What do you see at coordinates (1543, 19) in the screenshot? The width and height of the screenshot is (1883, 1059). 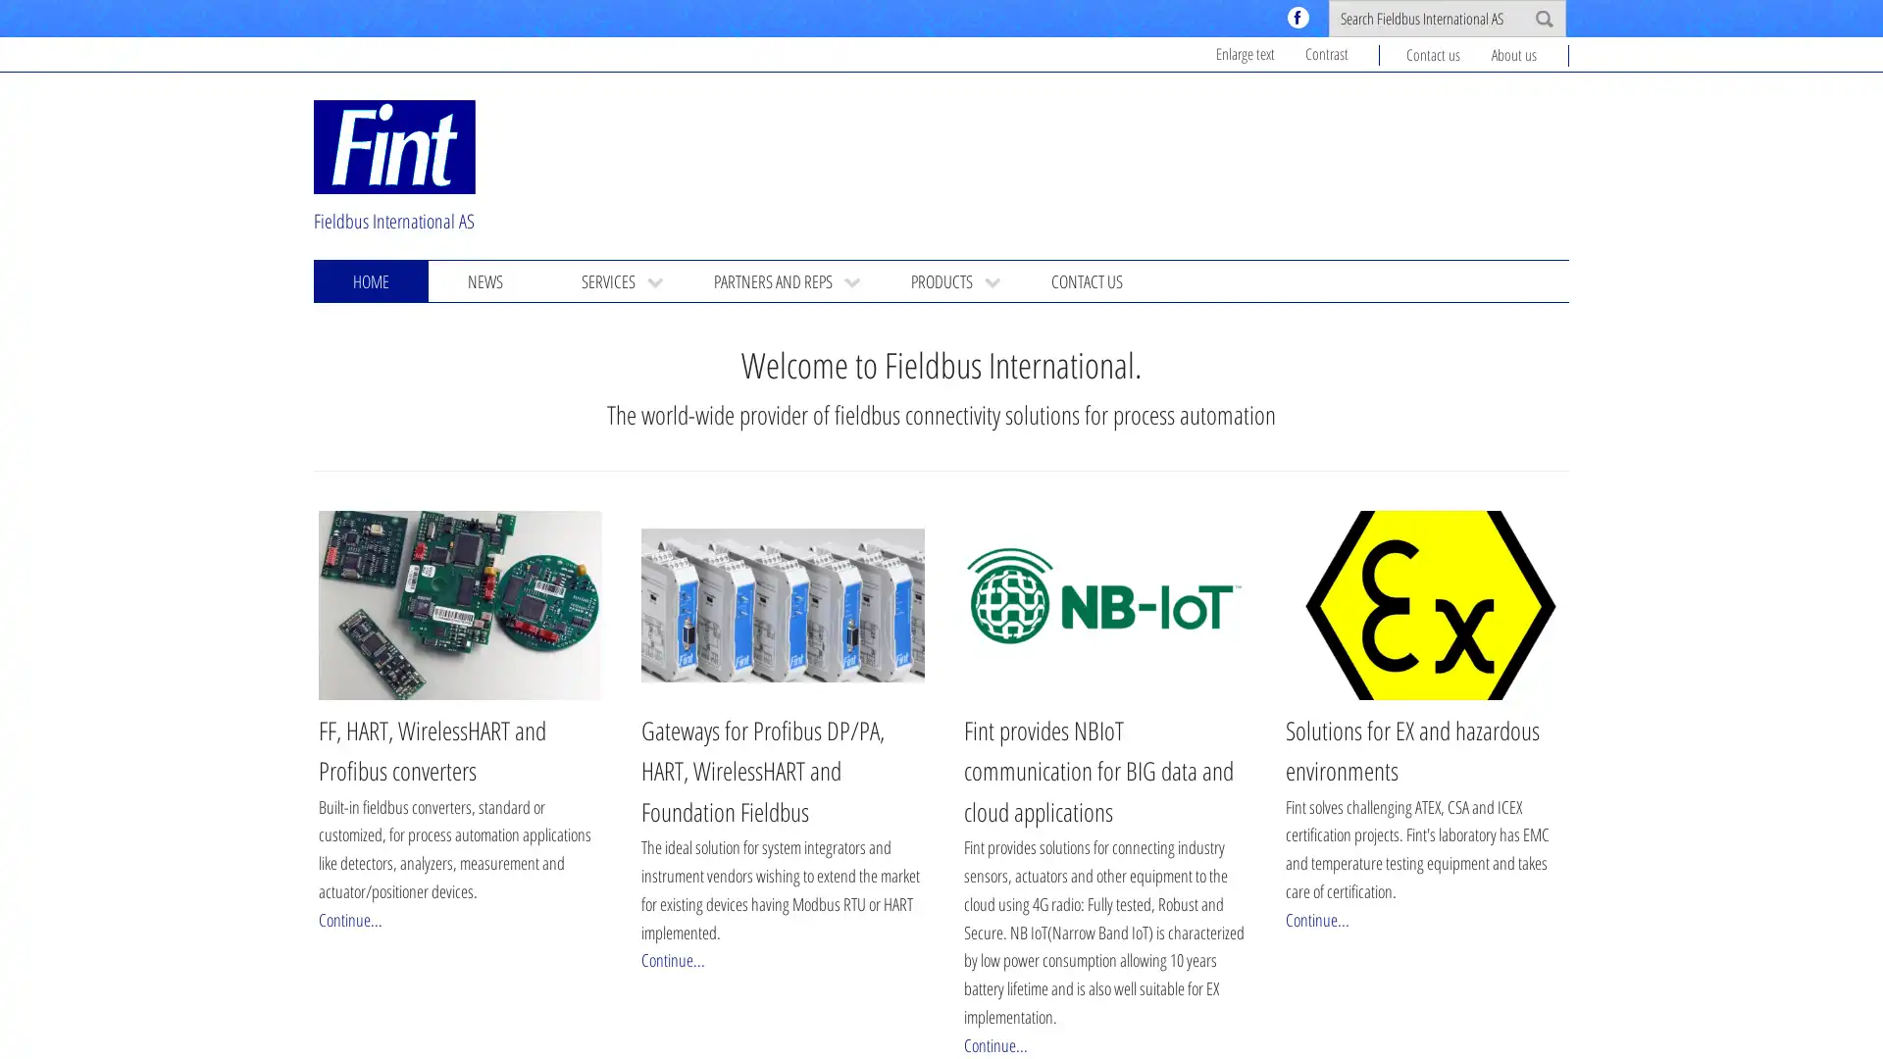 I see `Search` at bounding box center [1543, 19].